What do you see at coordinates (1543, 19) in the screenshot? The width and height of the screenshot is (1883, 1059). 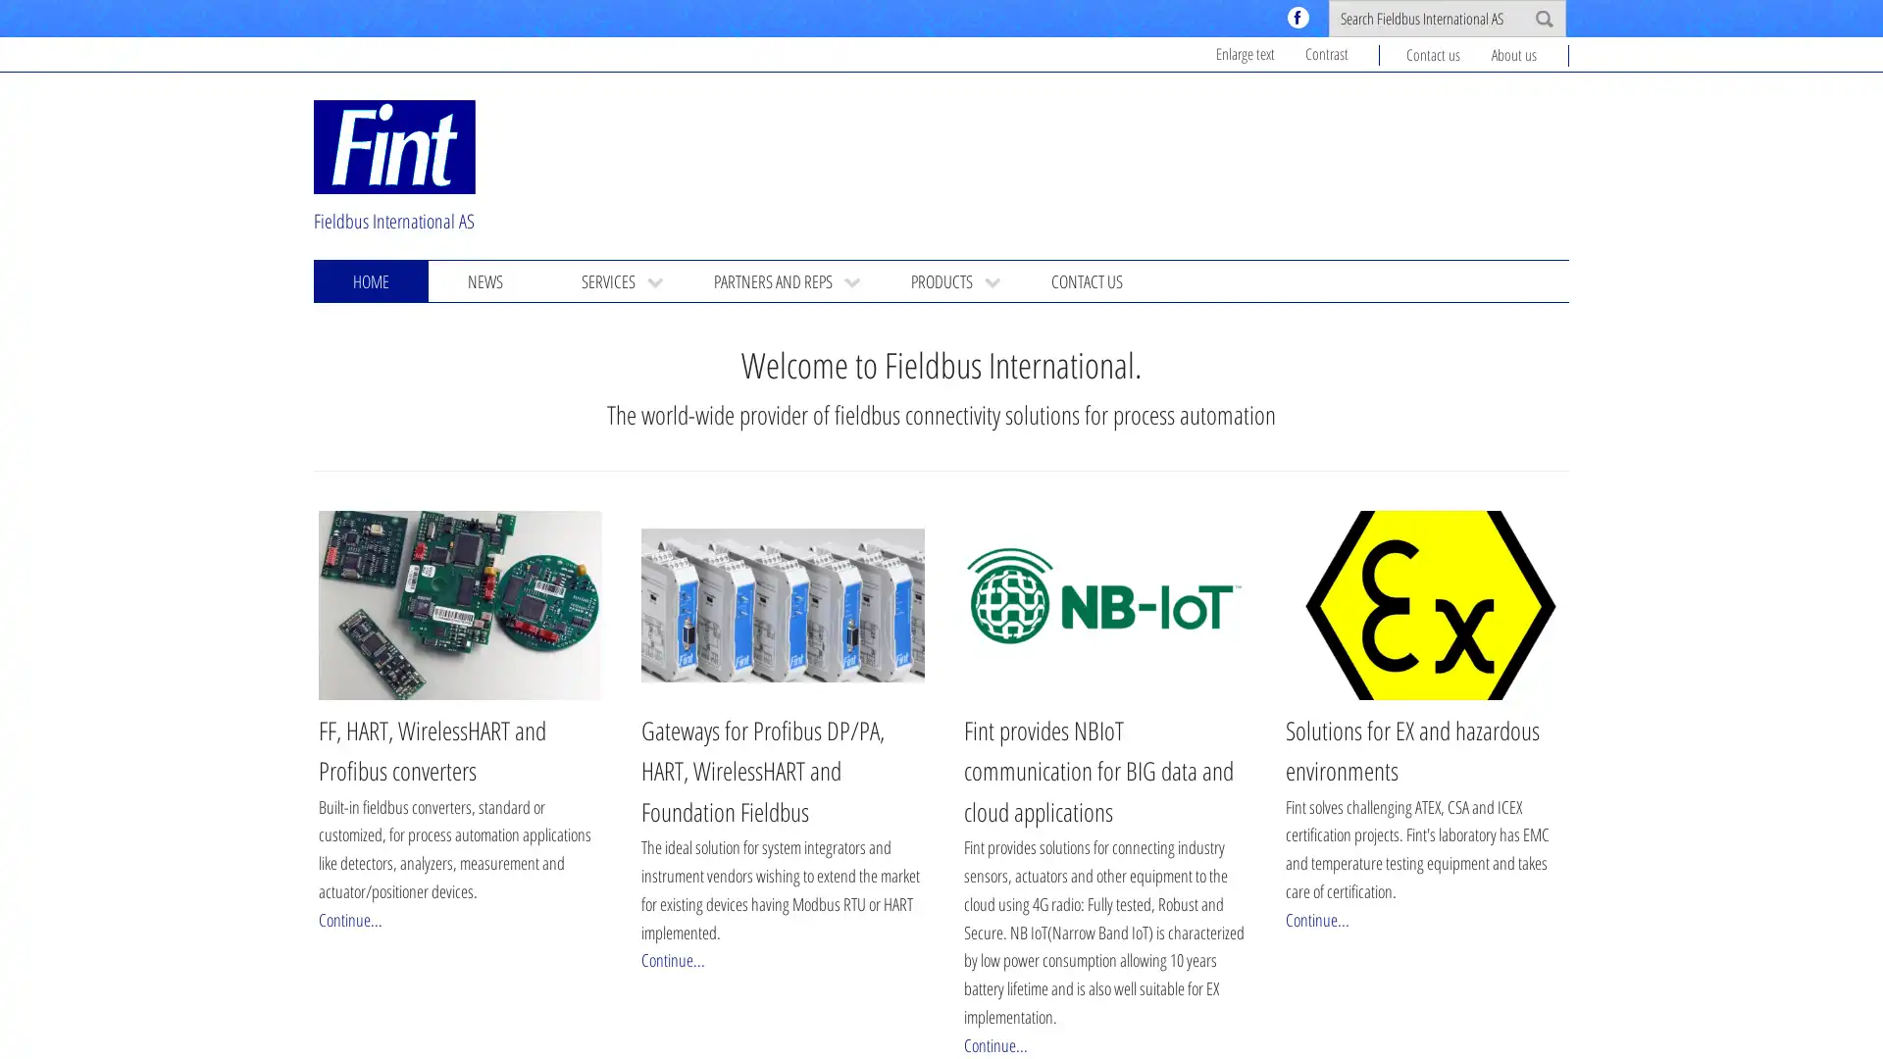 I see `Search` at bounding box center [1543, 19].